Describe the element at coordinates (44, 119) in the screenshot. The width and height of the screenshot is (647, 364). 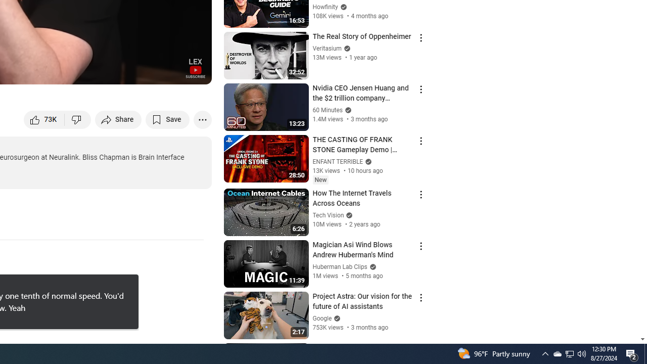
I see `'like this video along with 73,133 other people'` at that location.